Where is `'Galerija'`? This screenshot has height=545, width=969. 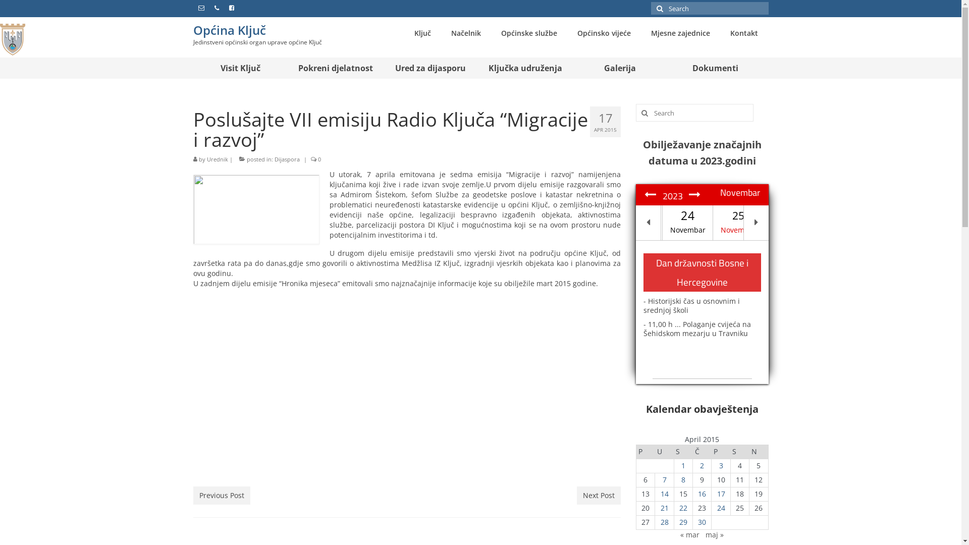
'Galerija' is located at coordinates (619, 68).